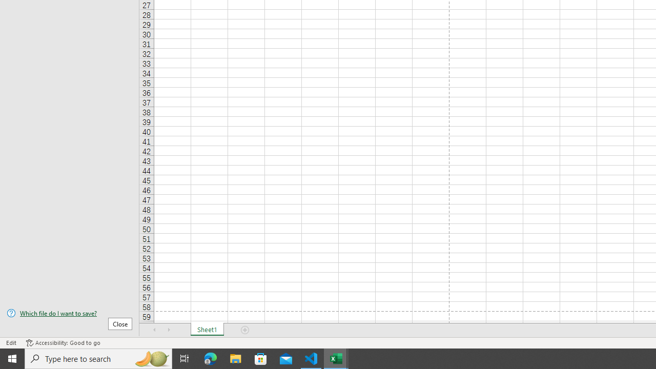 The height and width of the screenshot is (369, 656). What do you see at coordinates (63, 343) in the screenshot?
I see `'Accessibility Checker Accessibility: Good to go'` at bounding box center [63, 343].